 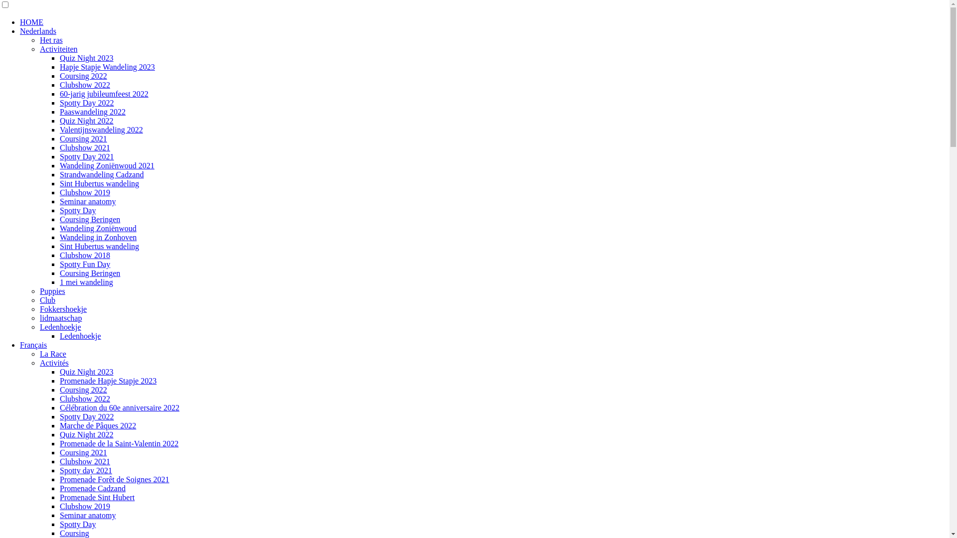 What do you see at coordinates (62, 308) in the screenshot?
I see `'Fokkershoekje'` at bounding box center [62, 308].